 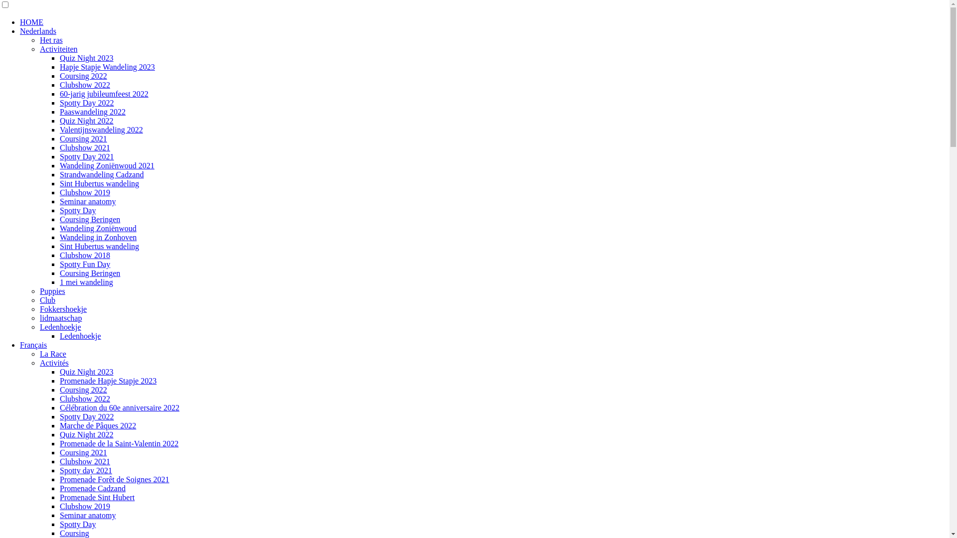 What do you see at coordinates (62, 308) in the screenshot?
I see `'Fokkershoekje'` at bounding box center [62, 308].